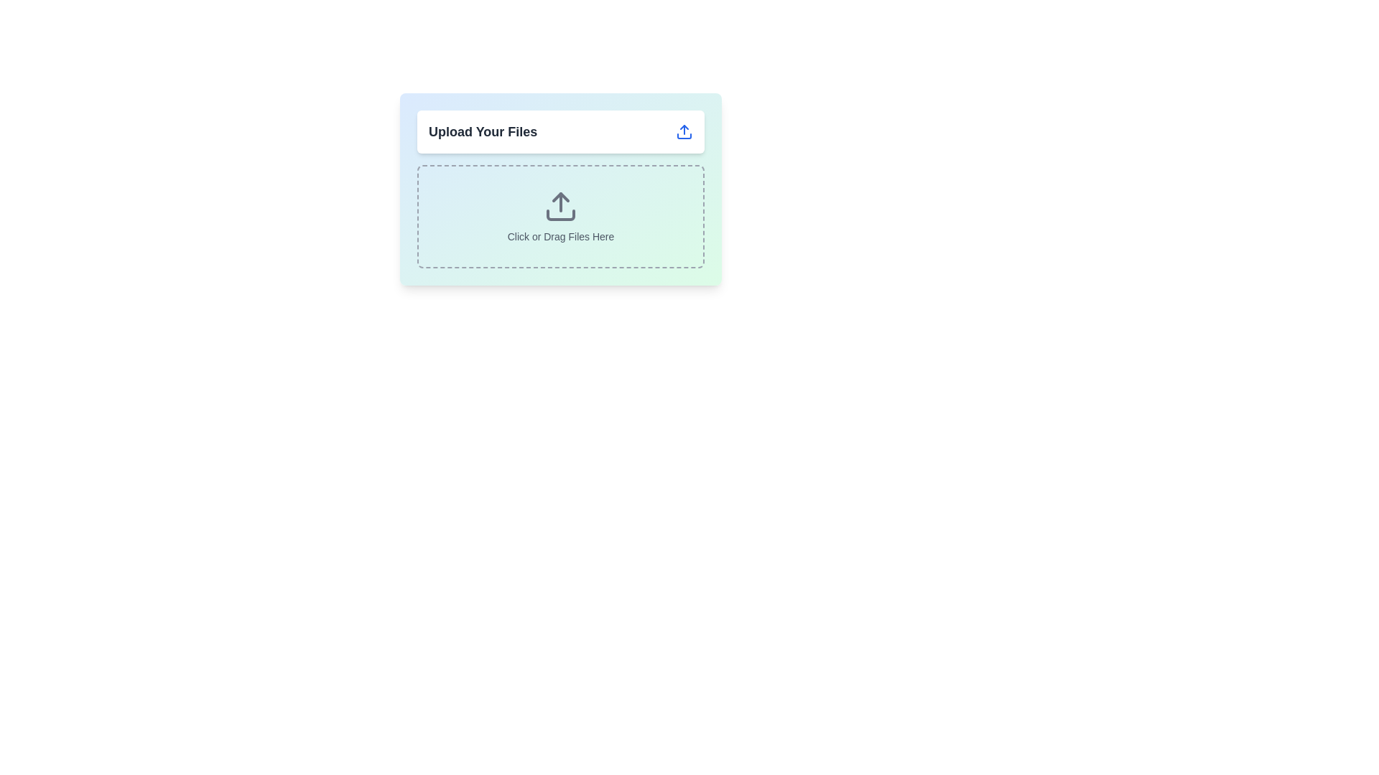 This screenshot has width=1379, height=775. What do you see at coordinates (483, 132) in the screenshot?
I see `text displayed in the bold, large font saying 'Upload Your Files', which is prominently positioned in the upper left corner of the interface` at bounding box center [483, 132].